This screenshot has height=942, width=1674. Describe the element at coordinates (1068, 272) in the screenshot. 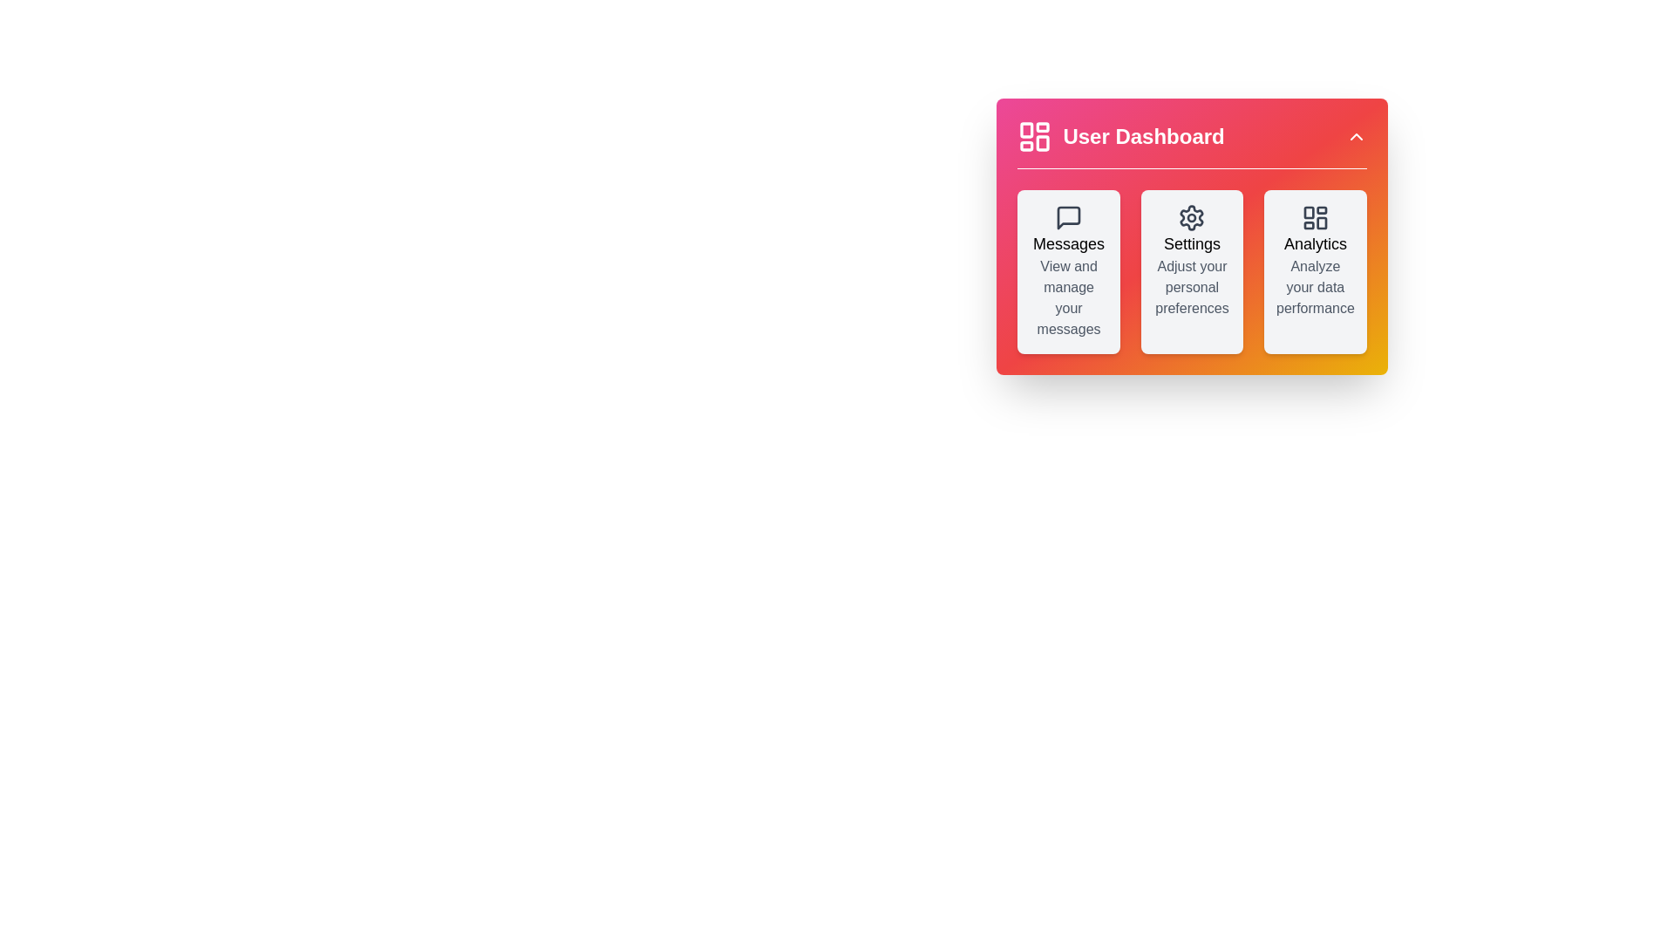

I see `the Action card for managing messages, which is the leftmost card in the row beneath the 'User Dashboard' title` at that location.